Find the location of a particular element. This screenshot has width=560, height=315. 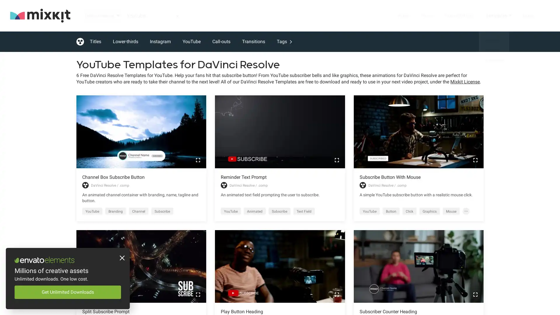

Close is located at coordinates (121, 258).